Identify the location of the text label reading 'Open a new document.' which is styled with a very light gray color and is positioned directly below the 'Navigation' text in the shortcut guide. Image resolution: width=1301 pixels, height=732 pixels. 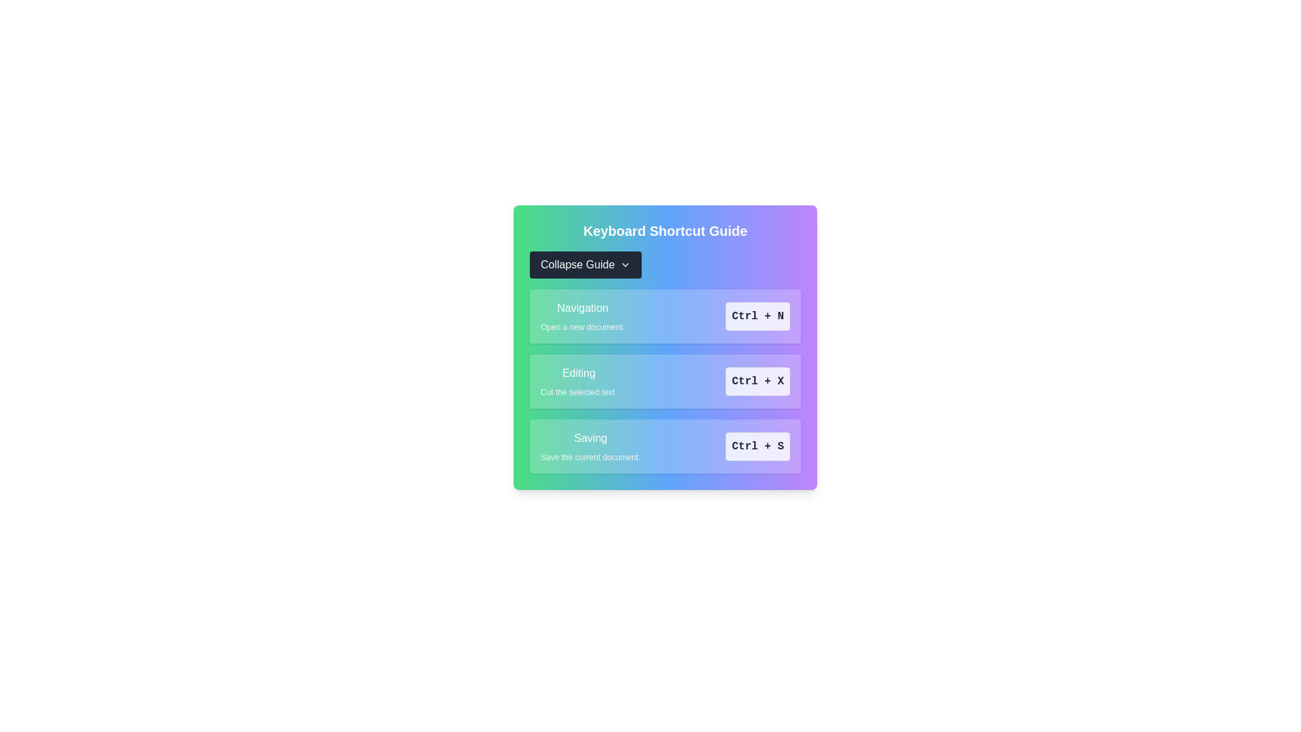
(582, 327).